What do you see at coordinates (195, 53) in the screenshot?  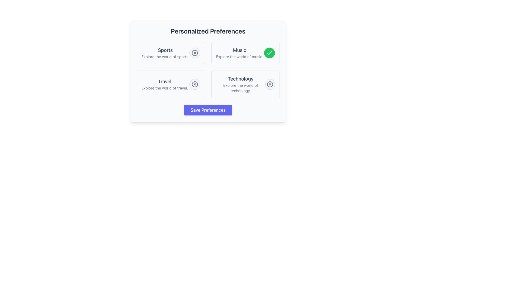 I see `the circular icon featuring an 'X' mark located in the top-left box of the grid labeled 'Sports'` at bounding box center [195, 53].